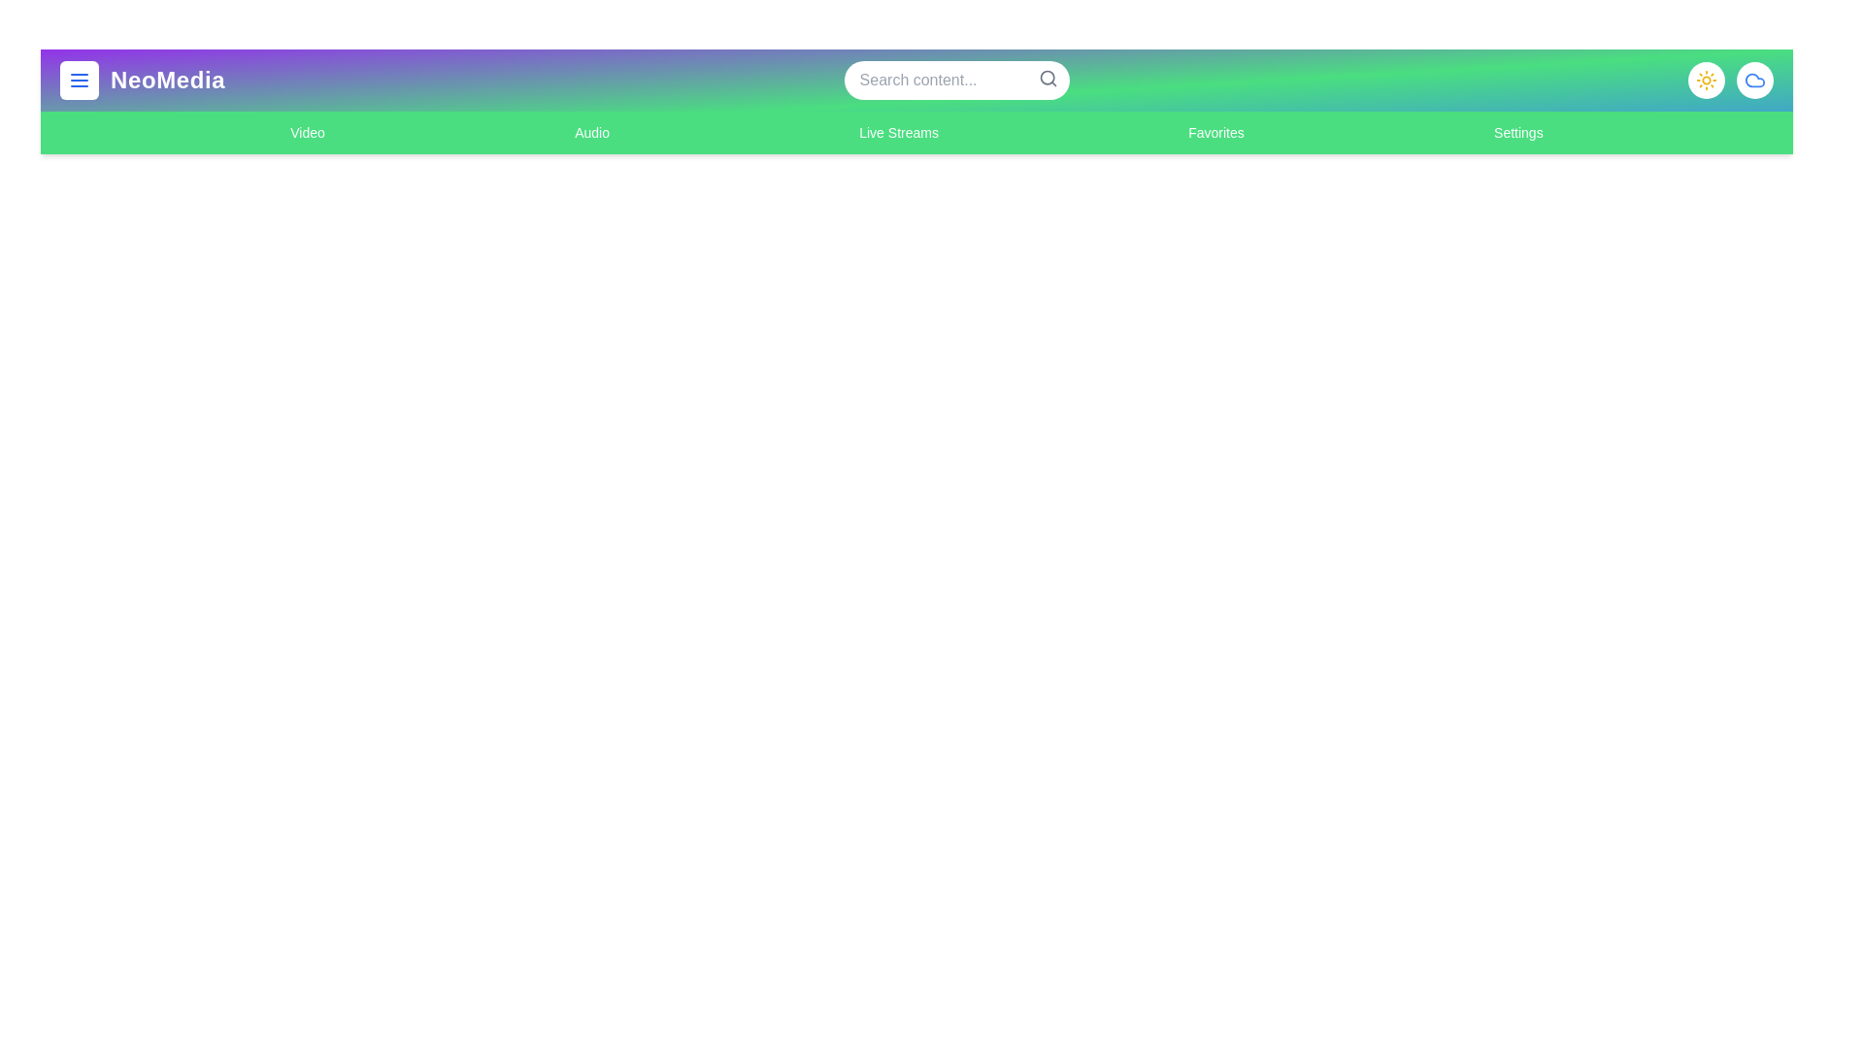 This screenshot has height=1048, width=1864. I want to click on the navigation link for Video to switch to that section, so click(306, 132).